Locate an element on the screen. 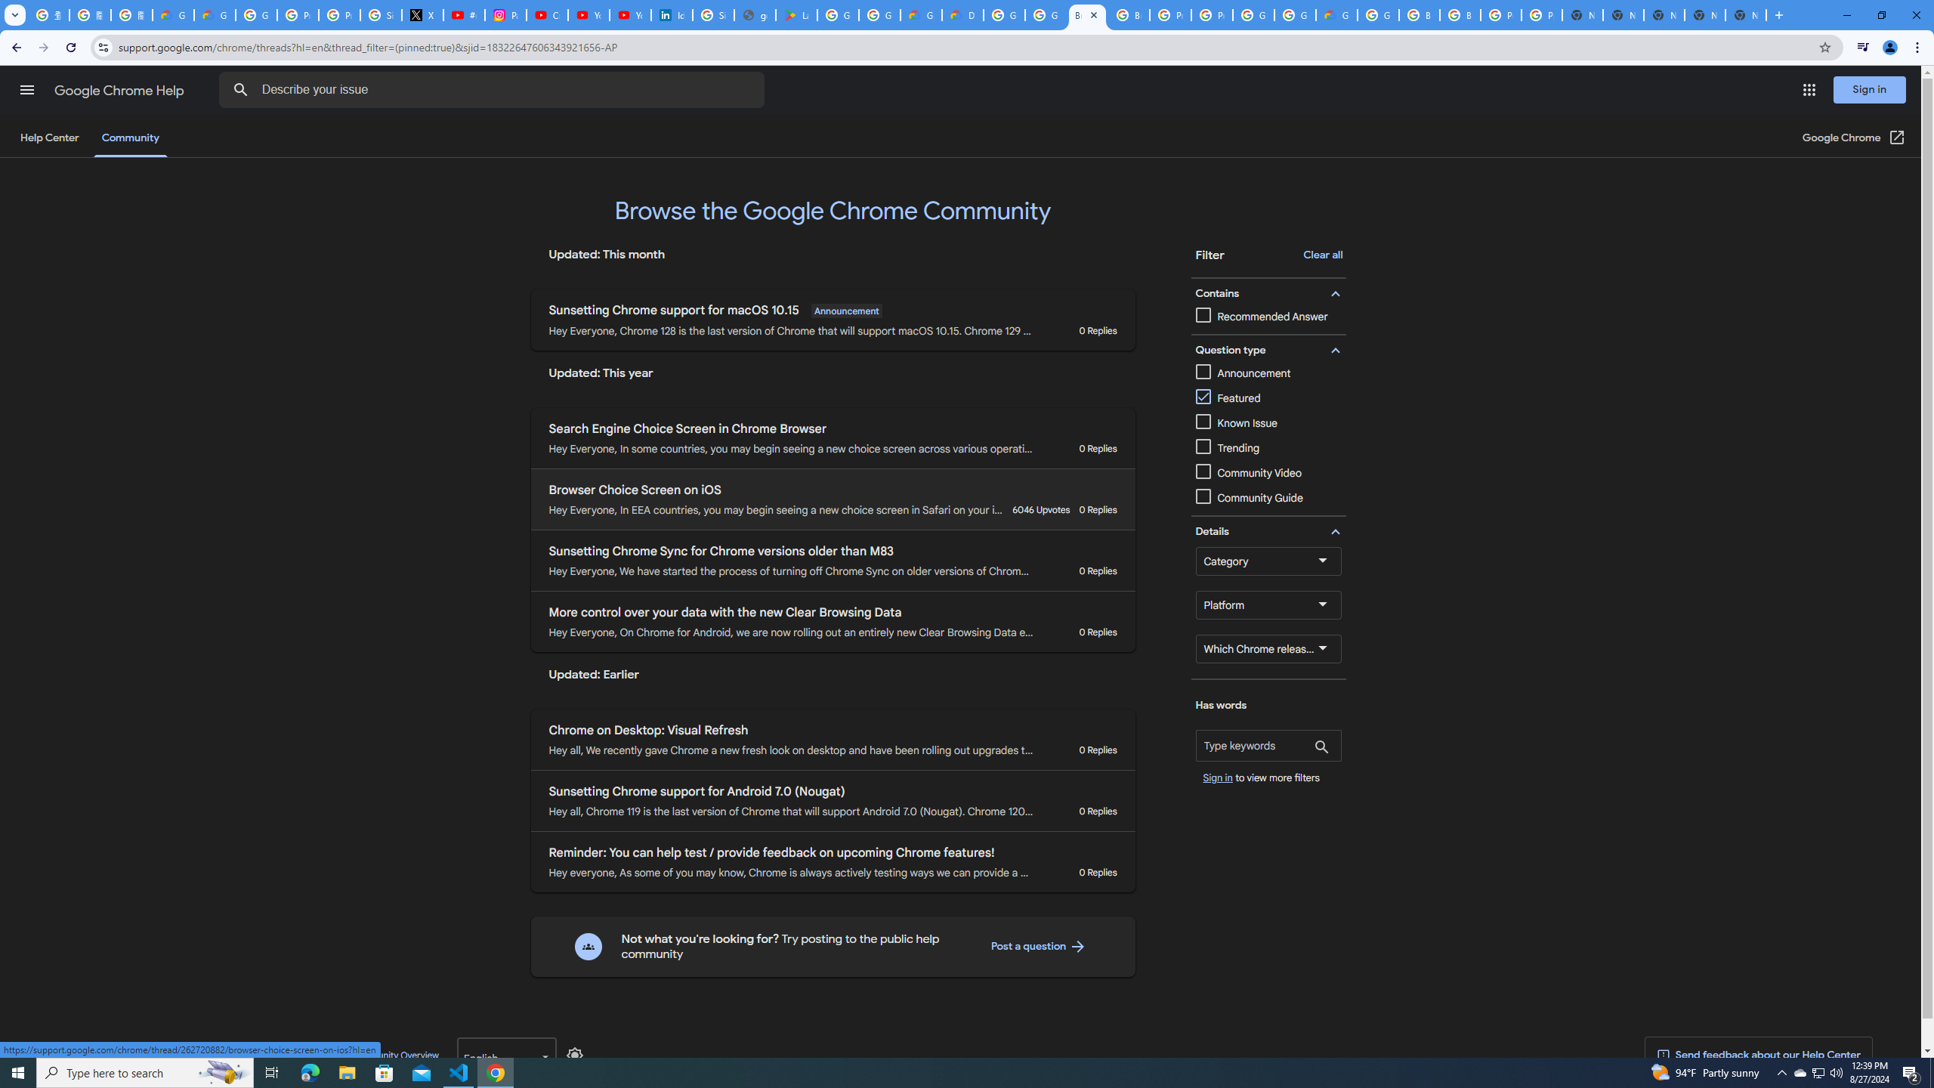  'Google Cloud Privacy Notice' is located at coordinates (172, 14).